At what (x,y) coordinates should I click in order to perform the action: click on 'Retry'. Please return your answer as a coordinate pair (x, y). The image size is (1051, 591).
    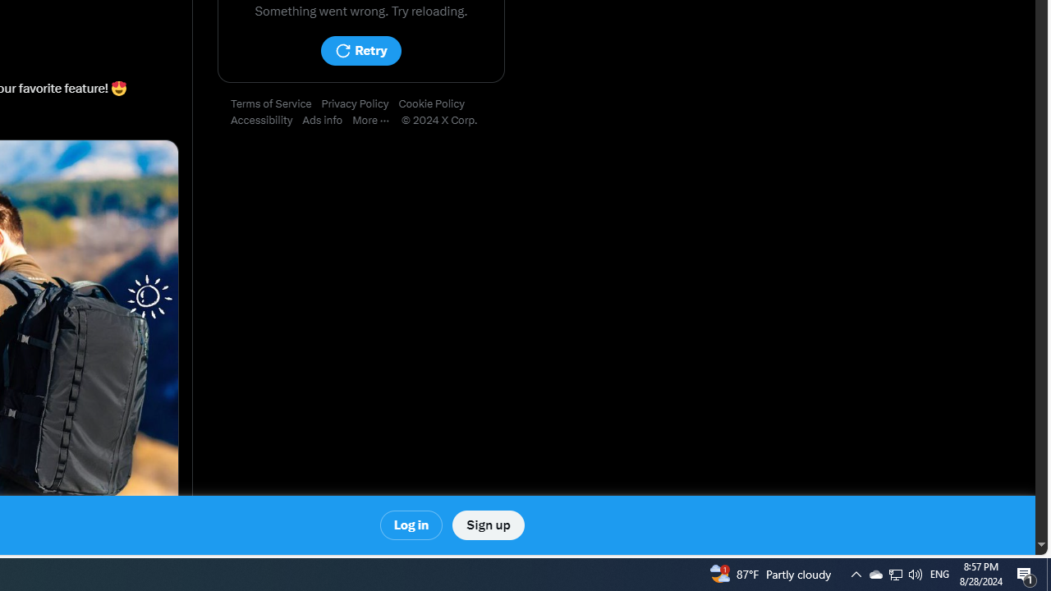
    Looking at the image, I should click on (360, 50).